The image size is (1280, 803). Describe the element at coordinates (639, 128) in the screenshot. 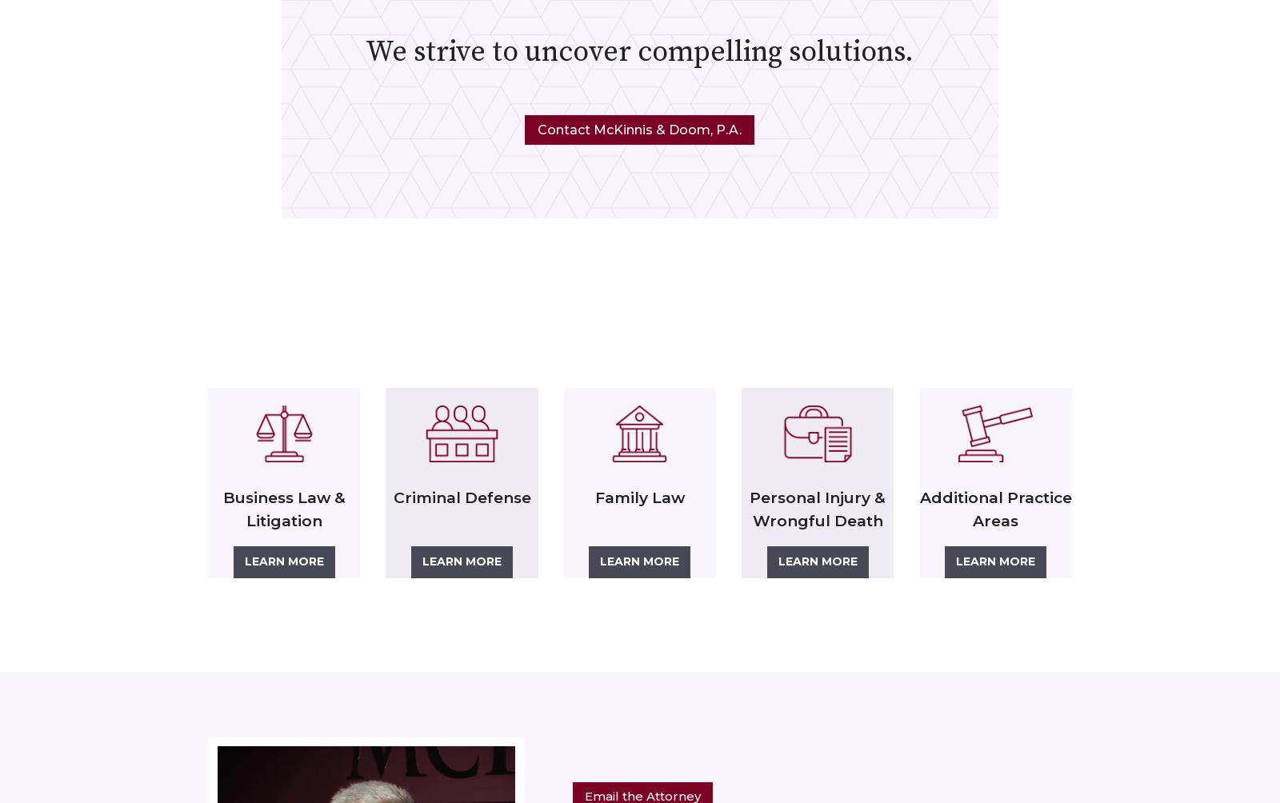

I see `'Contact McKinnis & Doom, P.A.'` at that location.